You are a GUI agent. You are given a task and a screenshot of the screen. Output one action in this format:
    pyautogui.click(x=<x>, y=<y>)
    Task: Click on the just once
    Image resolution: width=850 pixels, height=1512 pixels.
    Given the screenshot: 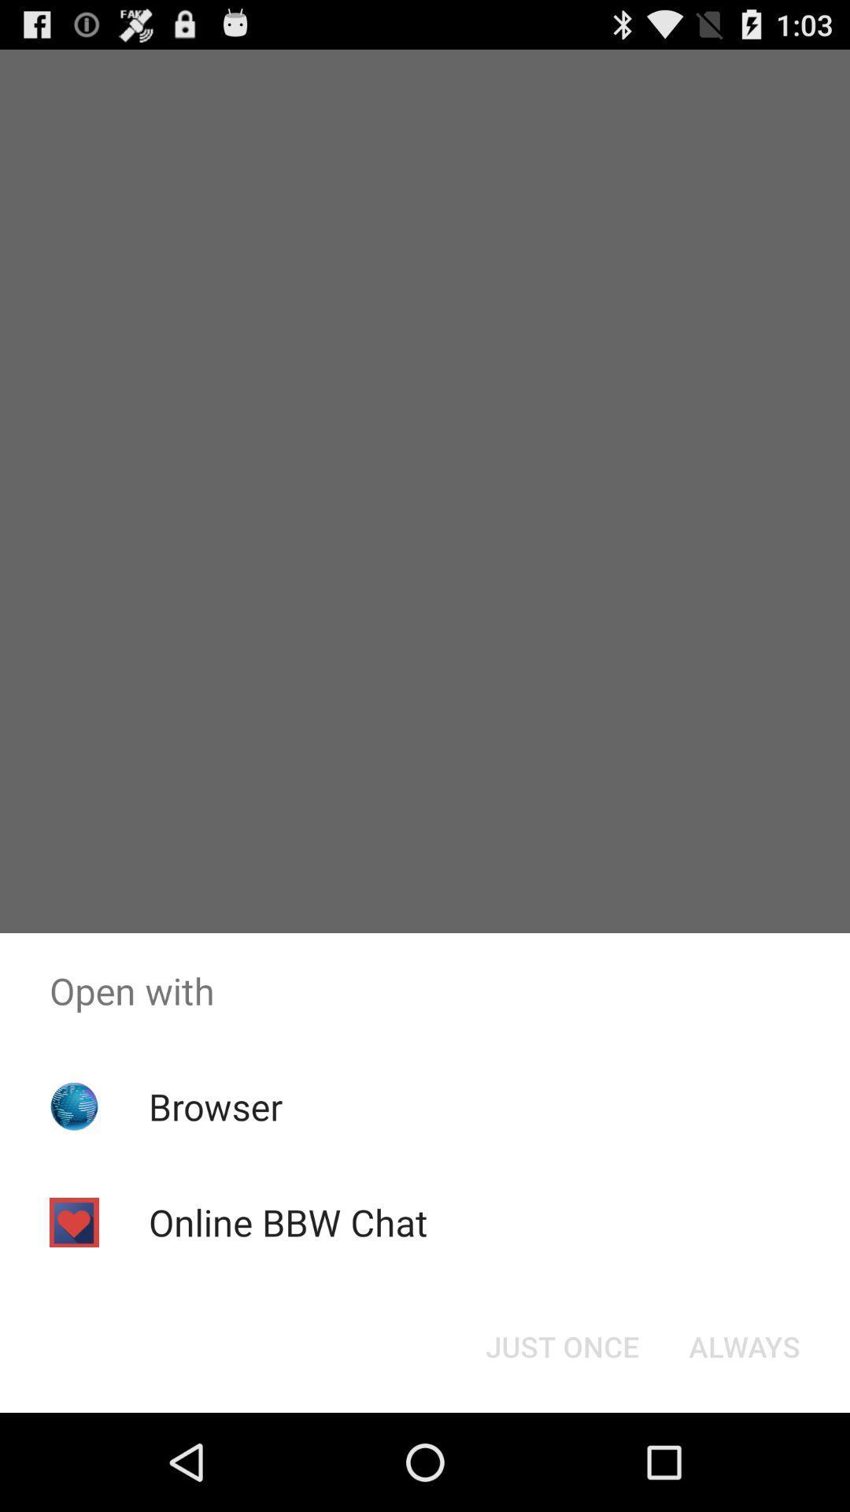 What is the action you would take?
    pyautogui.click(x=561, y=1345)
    